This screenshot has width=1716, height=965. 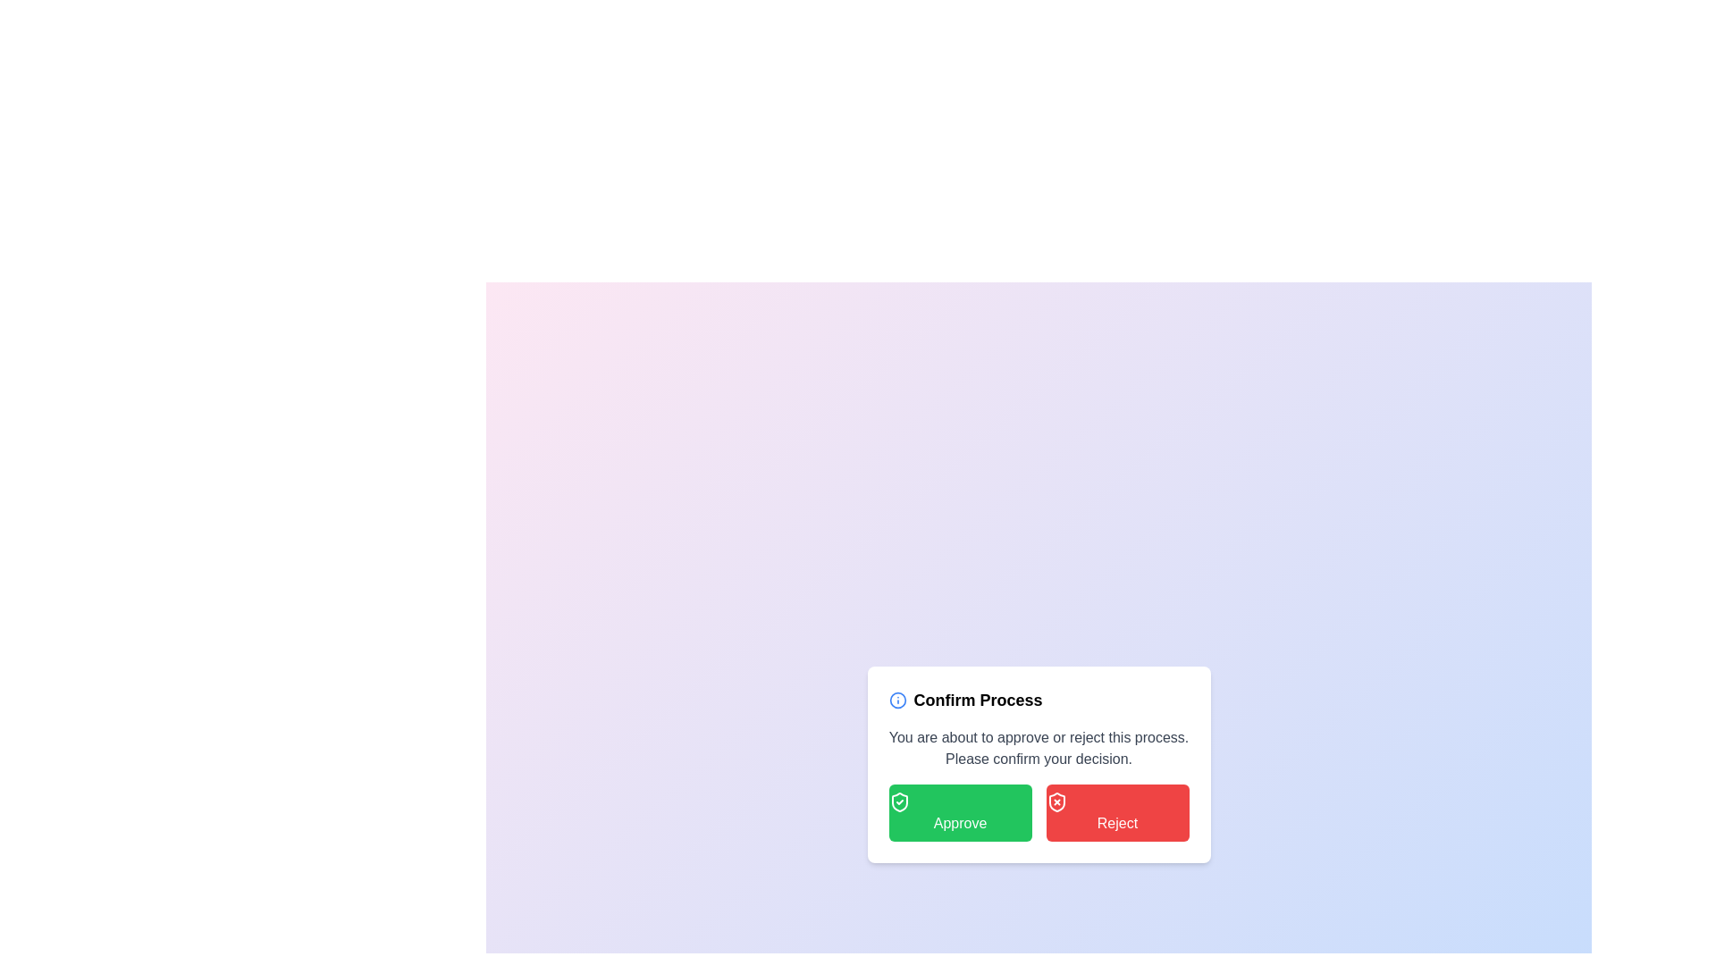 I want to click on the green shield icon with a checkmark inside, located to the left of the 'Approve' label, indicating security and approval, so click(x=899, y=801).